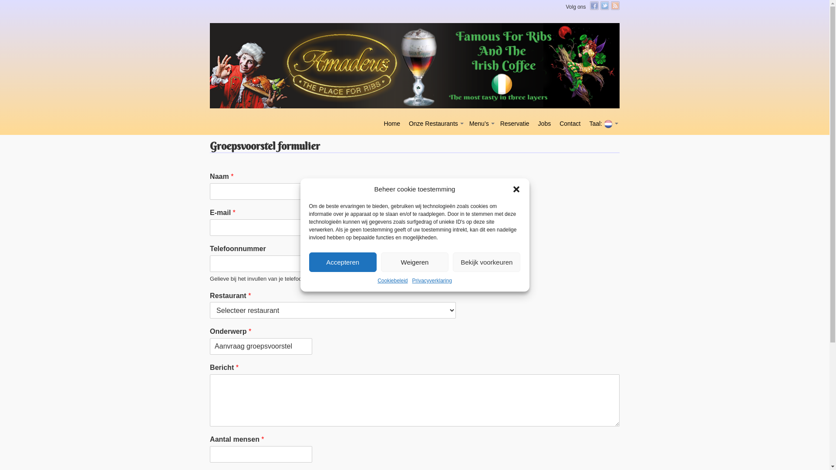  Describe the element at coordinates (404, 124) in the screenshot. I see `'Onze Restaurants'` at that location.